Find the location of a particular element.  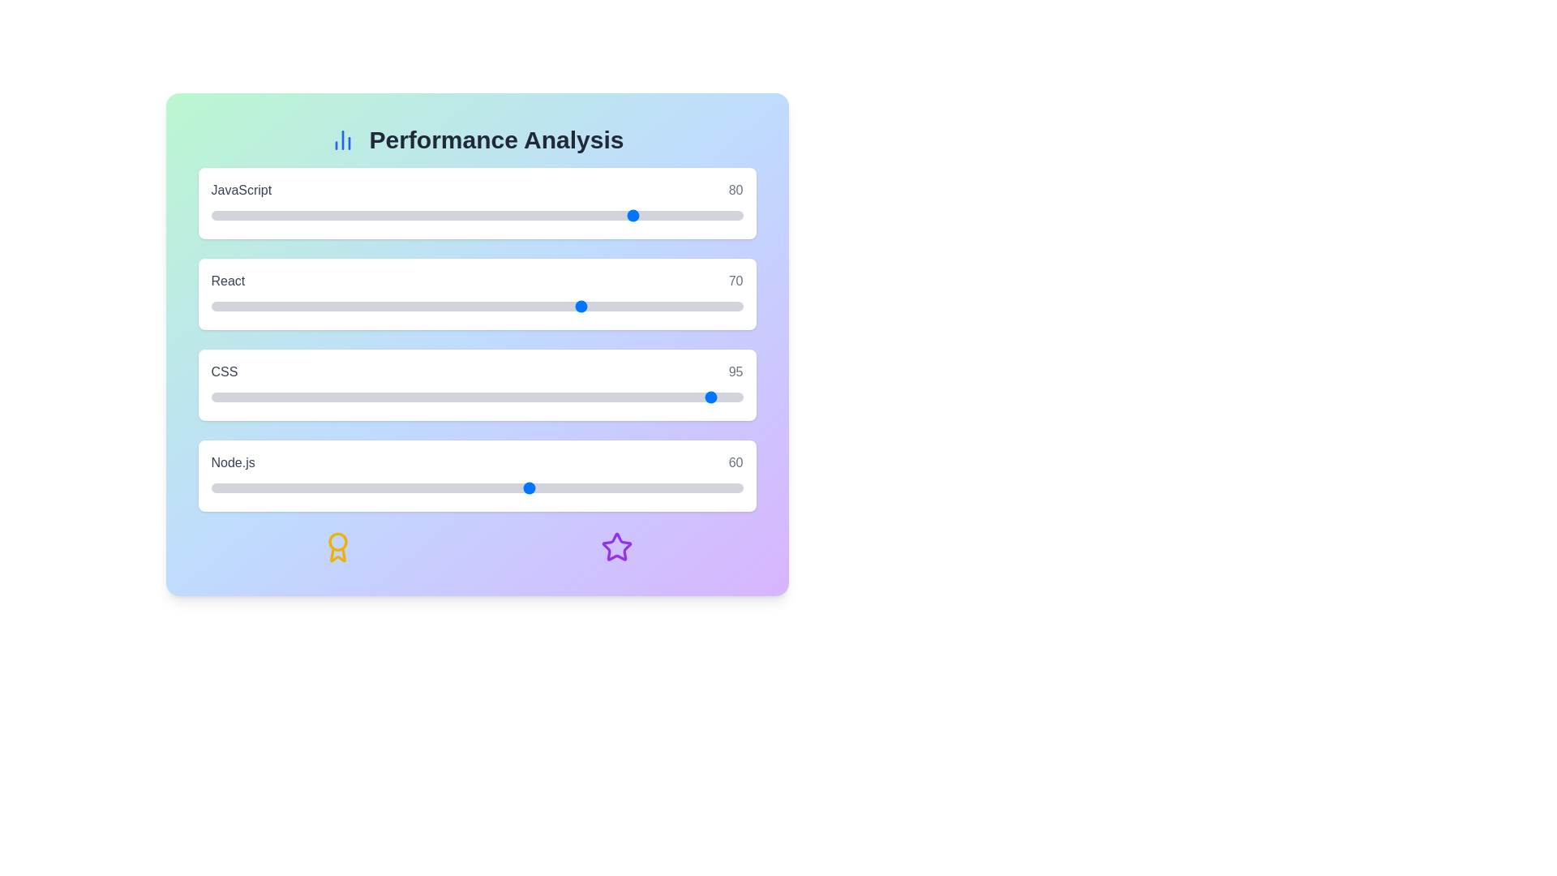

the decorative icon award is located at coordinates (337, 547).